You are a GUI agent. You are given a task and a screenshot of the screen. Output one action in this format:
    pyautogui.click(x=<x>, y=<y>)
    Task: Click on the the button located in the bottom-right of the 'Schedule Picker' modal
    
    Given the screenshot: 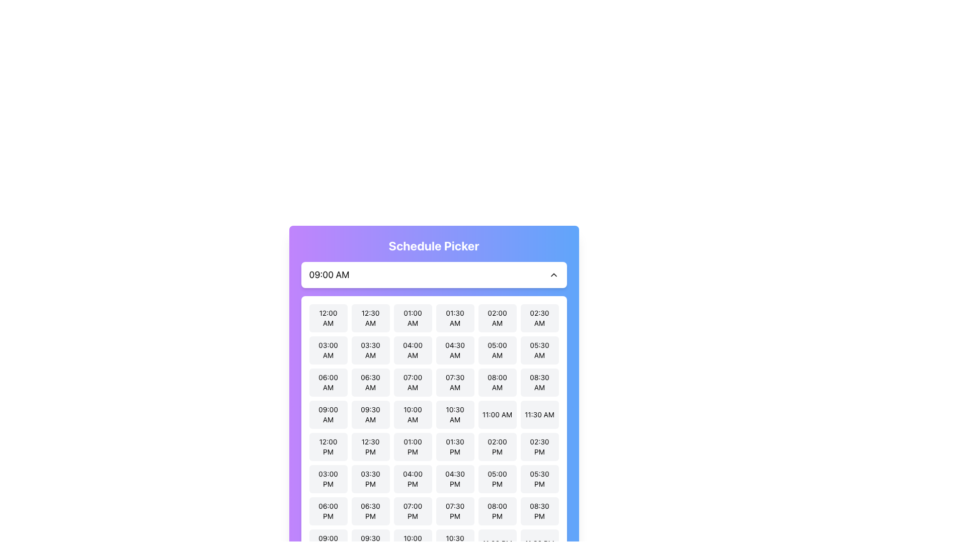 What is the action you would take?
    pyautogui.click(x=539, y=511)
    